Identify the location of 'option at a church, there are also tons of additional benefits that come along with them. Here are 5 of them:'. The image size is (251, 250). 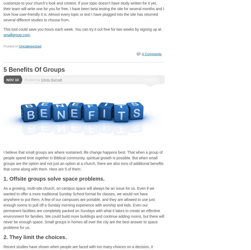
(83, 166).